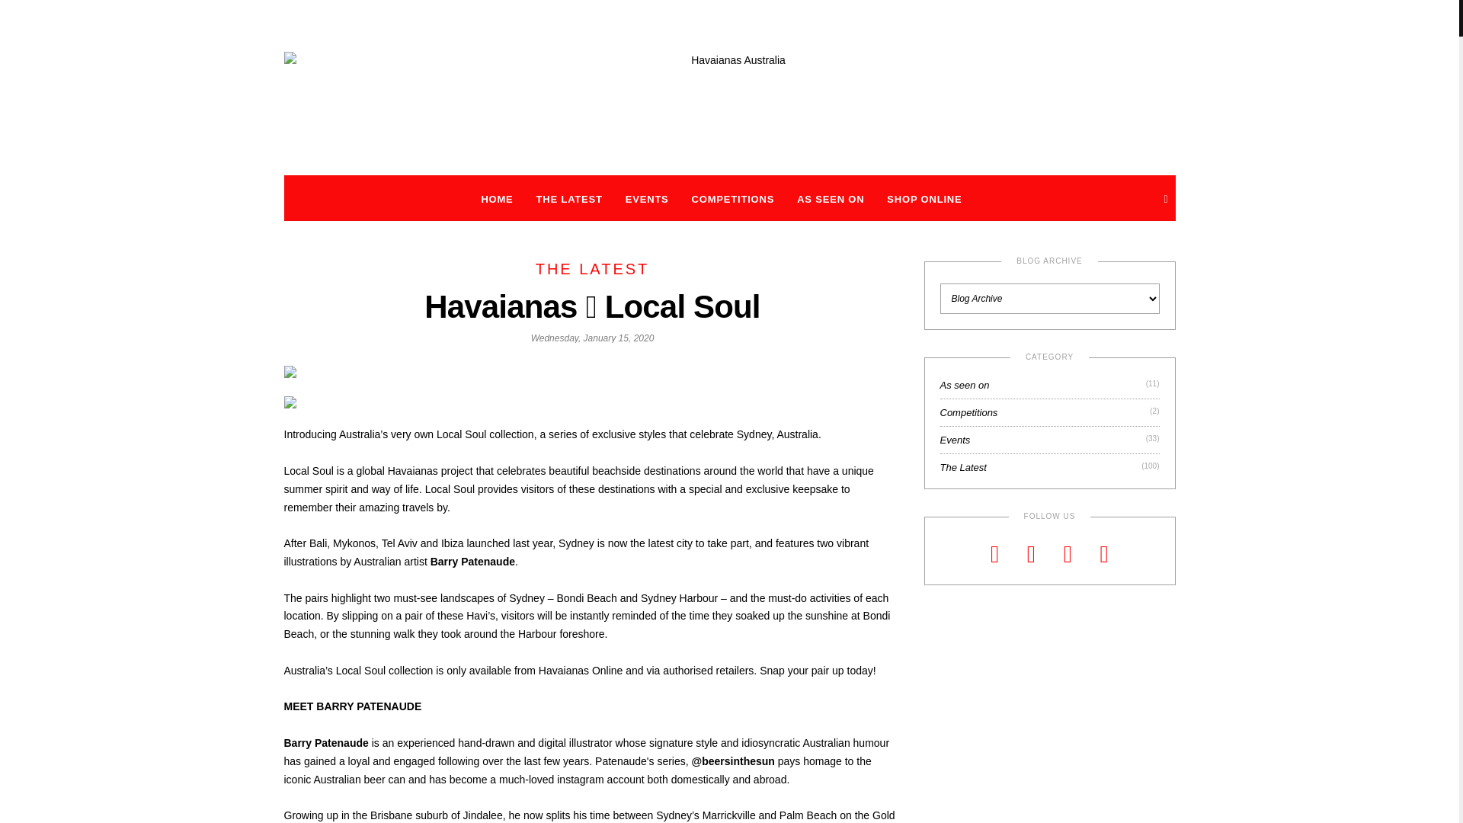 The image size is (1463, 823). Describe the element at coordinates (479, 198) in the screenshot. I see `'HOME'` at that location.